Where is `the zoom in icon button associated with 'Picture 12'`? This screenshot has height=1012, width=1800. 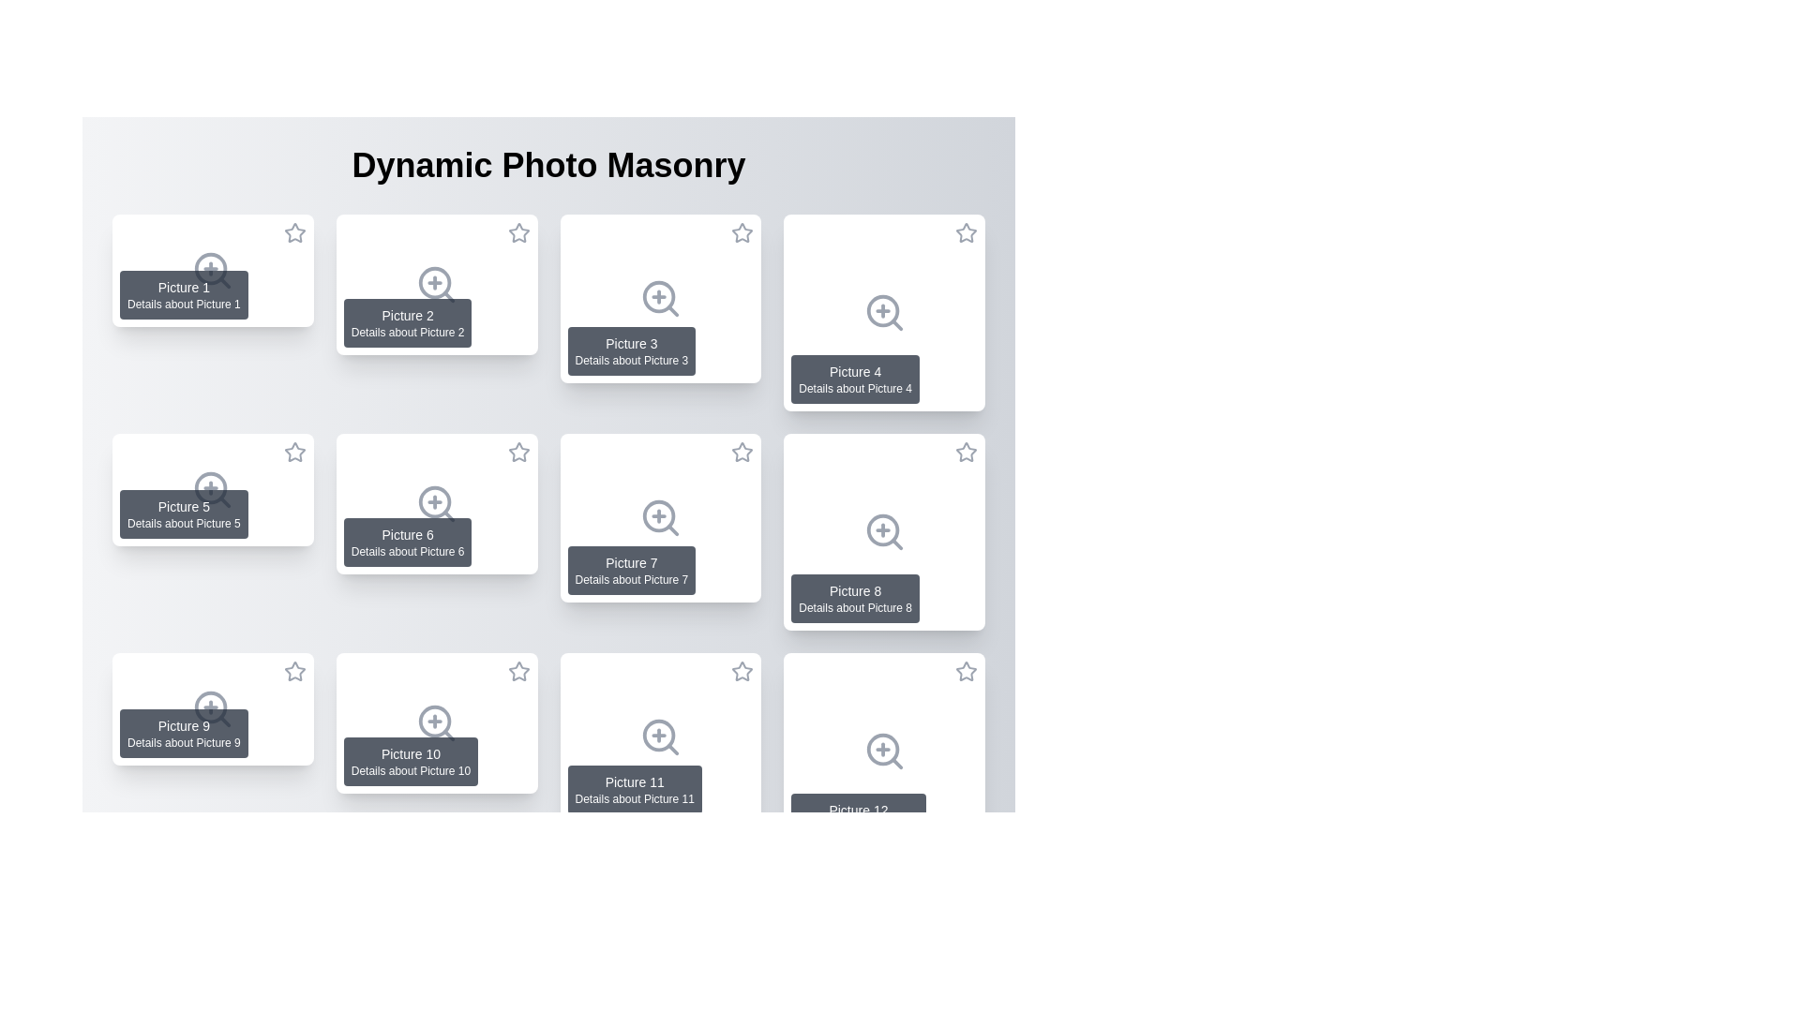
the zoom in icon button associated with 'Picture 12' is located at coordinates (883, 751).